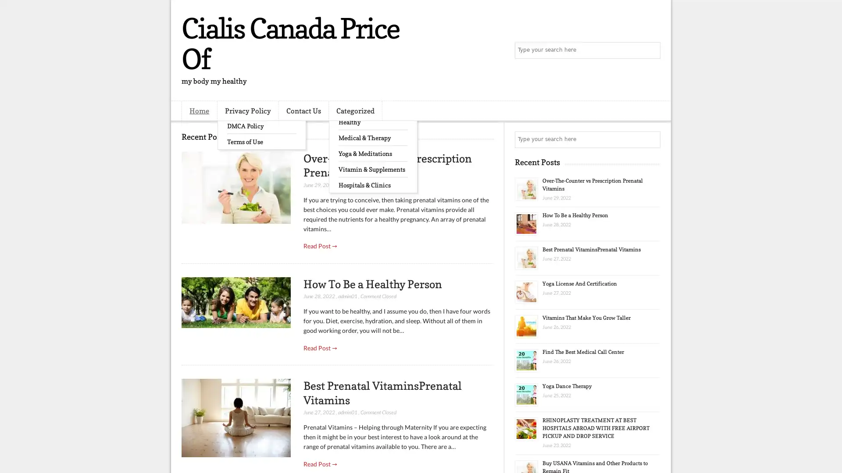  Describe the element at coordinates (651, 50) in the screenshot. I see `Search` at that location.